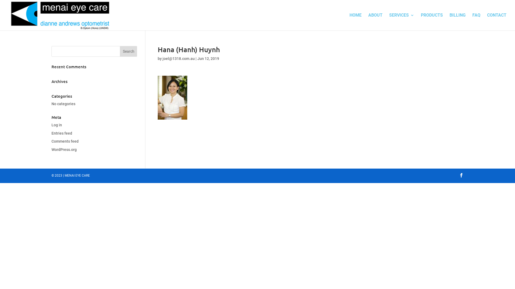 The width and height of the screenshot is (515, 289). What do you see at coordinates (476, 21) in the screenshot?
I see `'FAQ'` at bounding box center [476, 21].